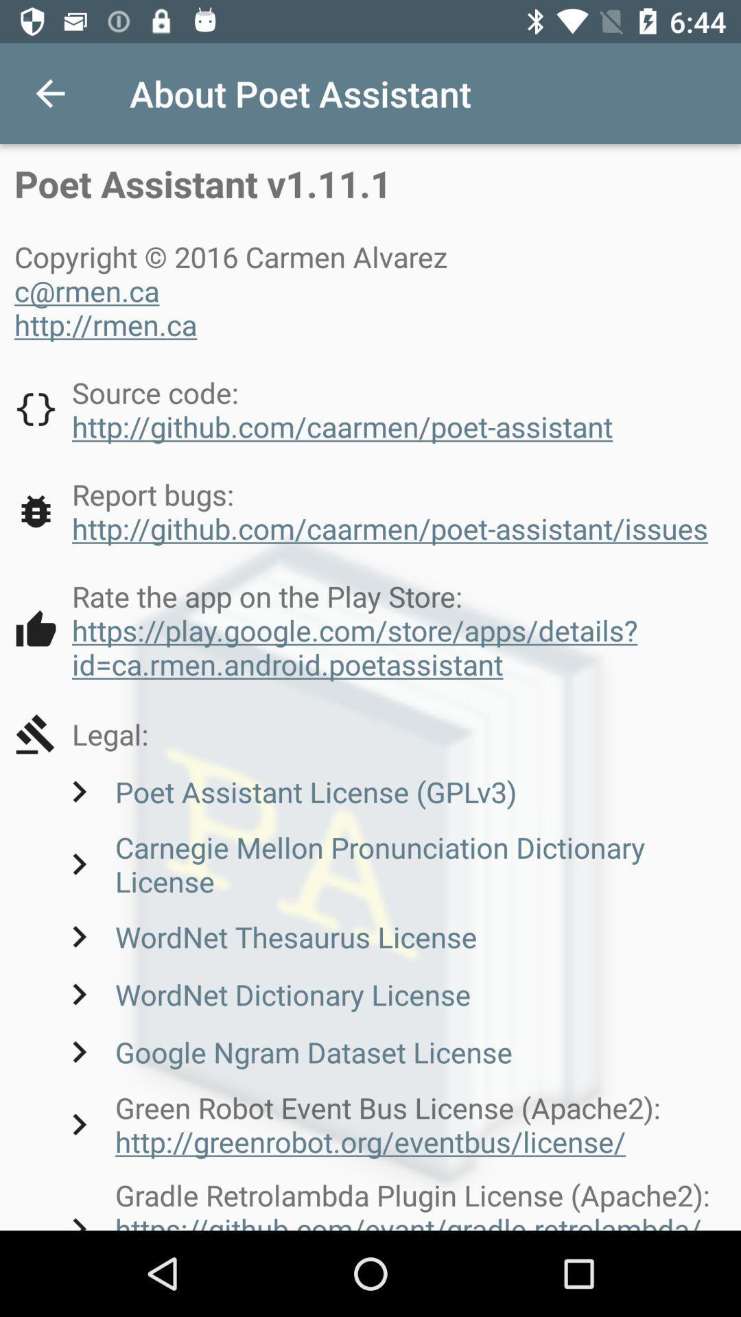 The width and height of the screenshot is (741, 1317). Describe the element at coordinates (284, 1051) in the screenshot. I see `google ngram dataset` at that location.